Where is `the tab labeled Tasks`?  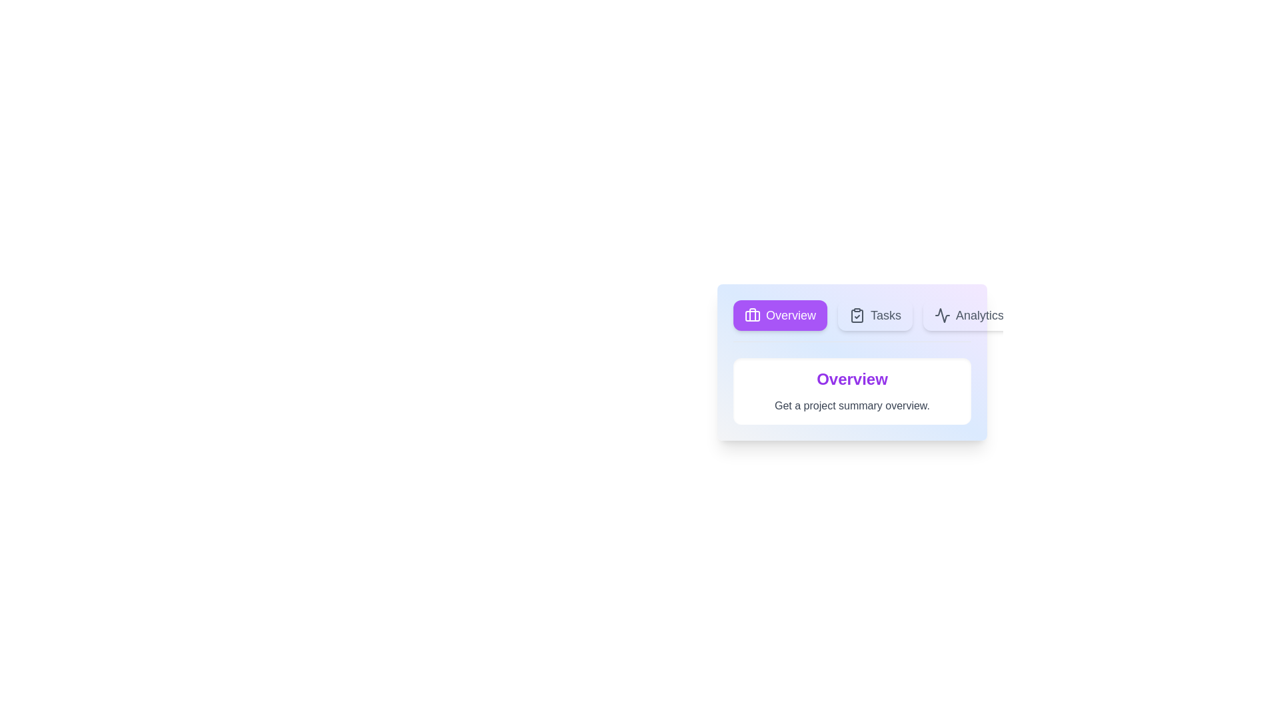
the tab labeled Tasks is located at coordinates (875, 316).